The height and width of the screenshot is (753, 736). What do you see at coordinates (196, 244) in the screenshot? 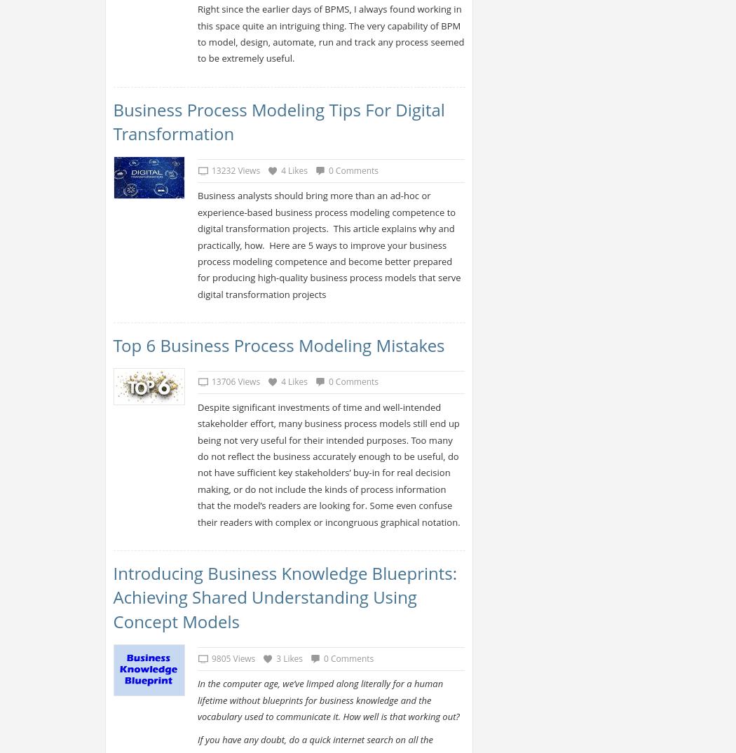
I see `'Business analysts should bring more than an ad-hoc or experience-based business process modeling competence to digital transformation projects.  This article explains why and practically, how.  Here are 5 ways to improve your business process modeling competence and become better prepared for producing high-quality business process models that serve digital transformation projects'` at bounding box center [196, 244].